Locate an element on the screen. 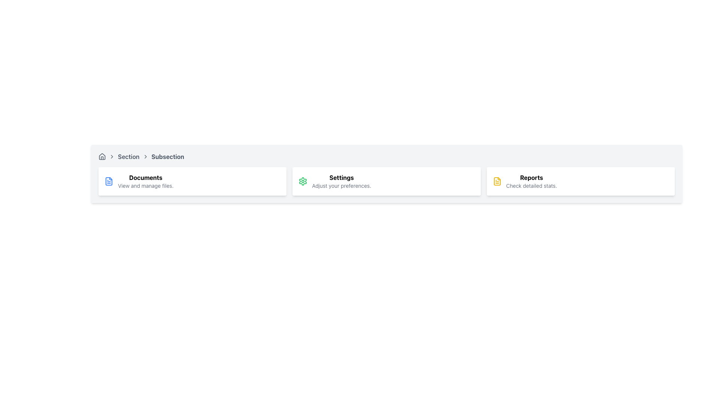 The width and height of the screenshot is (719, 404). the second chevron icon in the breadcrumb navigation bar, which indicates progression to the next hierarchy level is located at coordinates (111, 156).